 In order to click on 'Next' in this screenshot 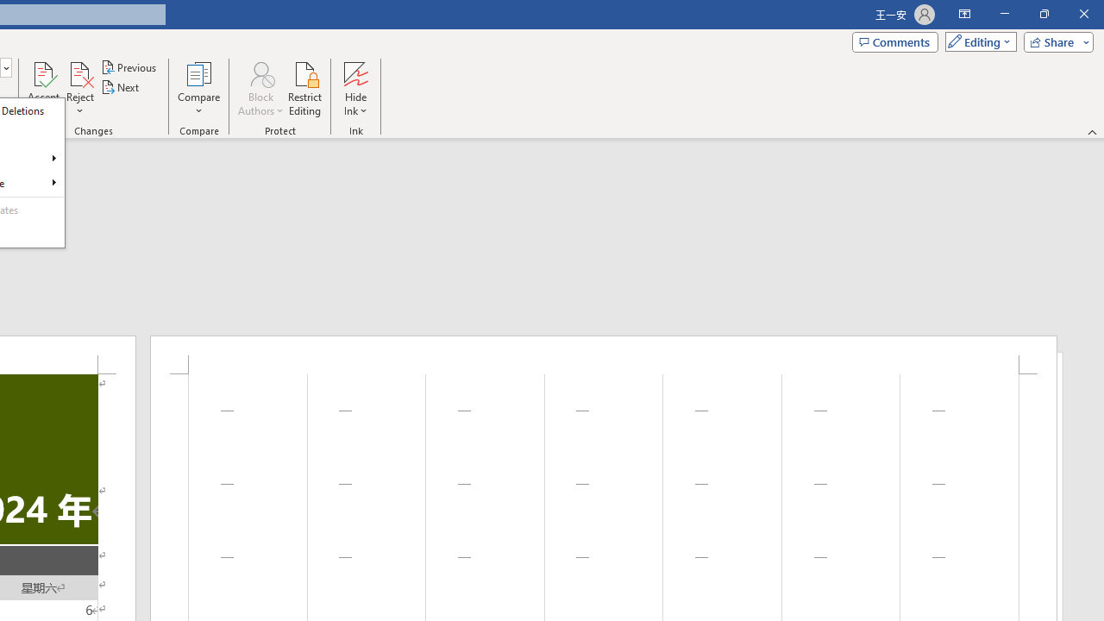, I will do `click(120, 87)`.